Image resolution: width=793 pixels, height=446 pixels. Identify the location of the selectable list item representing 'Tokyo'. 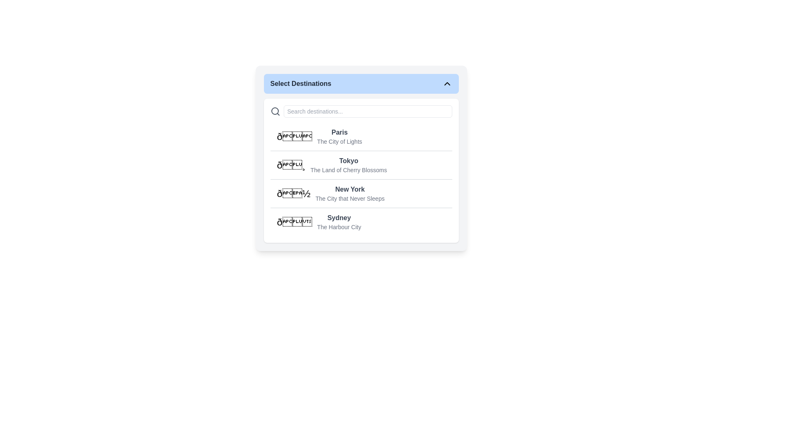
(332, 165).